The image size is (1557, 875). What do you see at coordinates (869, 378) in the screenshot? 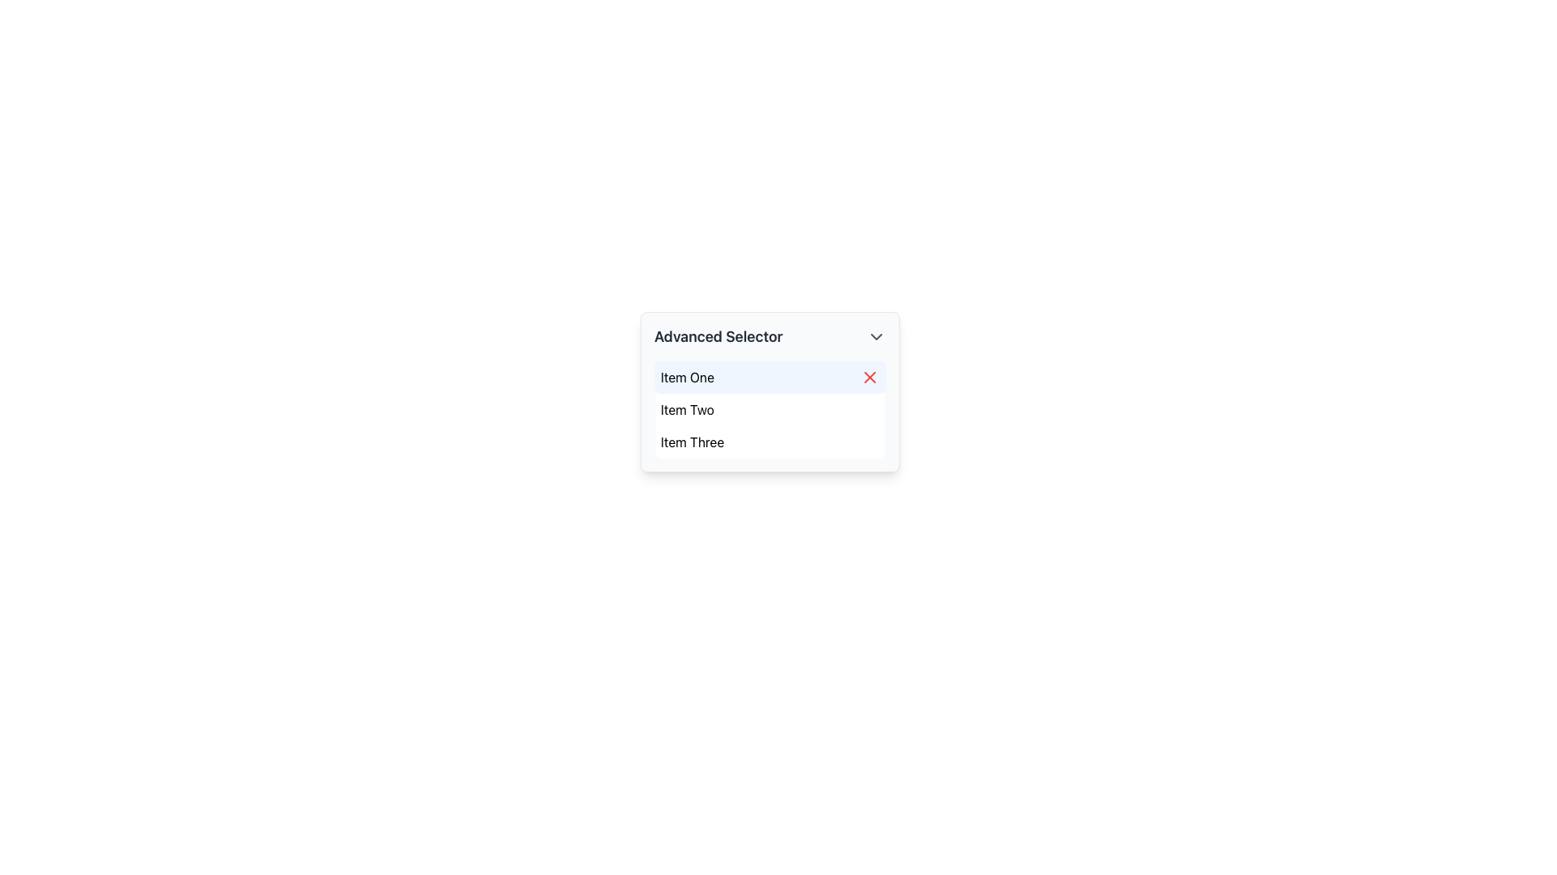
I see `the red 'X' icon button positioned to the right of 'Item One' in the Advanced Selector dropdown list to clear the selection` at bounding box center [869, 378].